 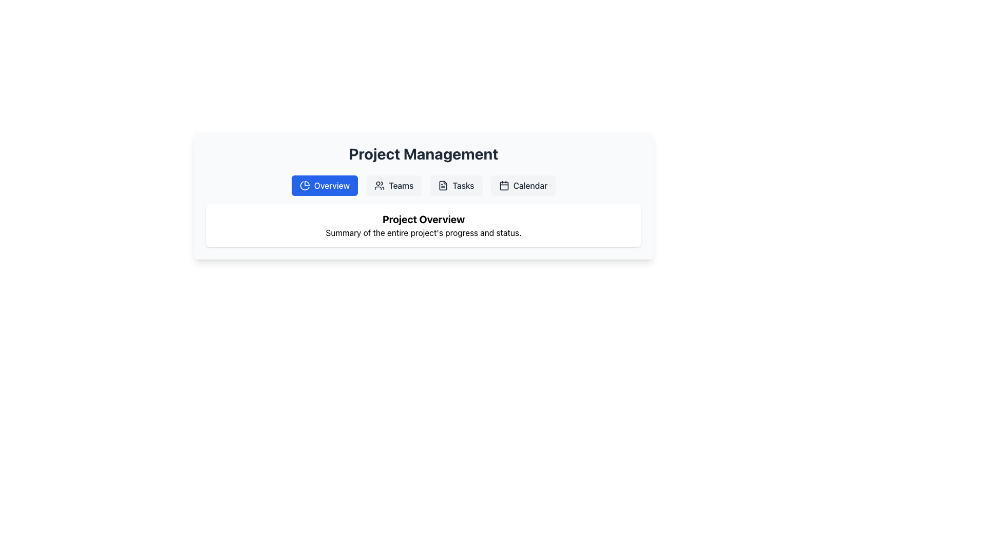 I want to click on the 'Overview' button, which is a rectangular button with a blue background, rounded corners, and white text featuring a pie chart icon, located in the navigation section under 'Project Management', so click(x=324, y=186).